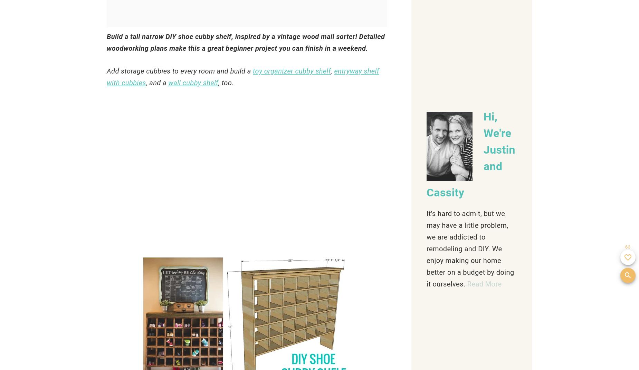 The height and width of the screenshot is (370, 639). I want to click on 'Read More', so click(484, 283).